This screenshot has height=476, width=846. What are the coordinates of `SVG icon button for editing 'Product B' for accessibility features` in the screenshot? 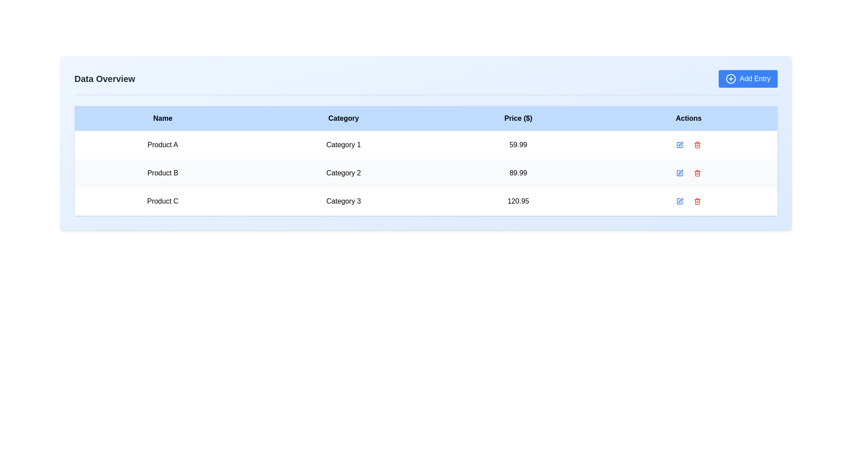 It's located at (679, 173).